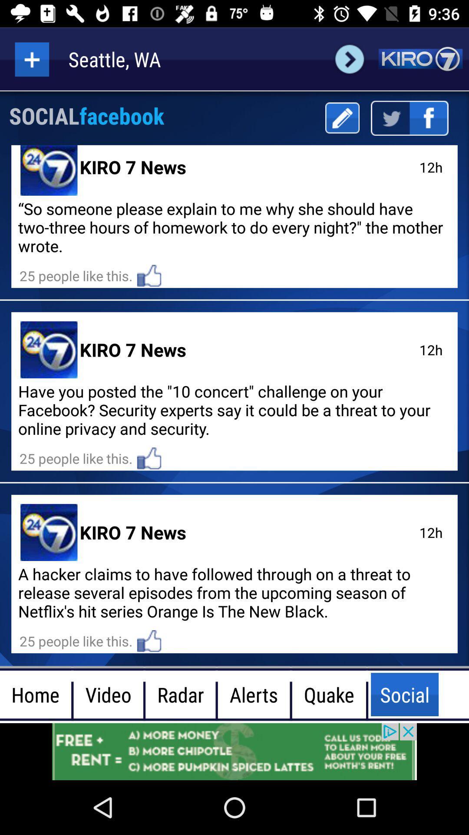  Describe the element at coordinates (349, 59) in the screenshot. I see `change city` at that location.